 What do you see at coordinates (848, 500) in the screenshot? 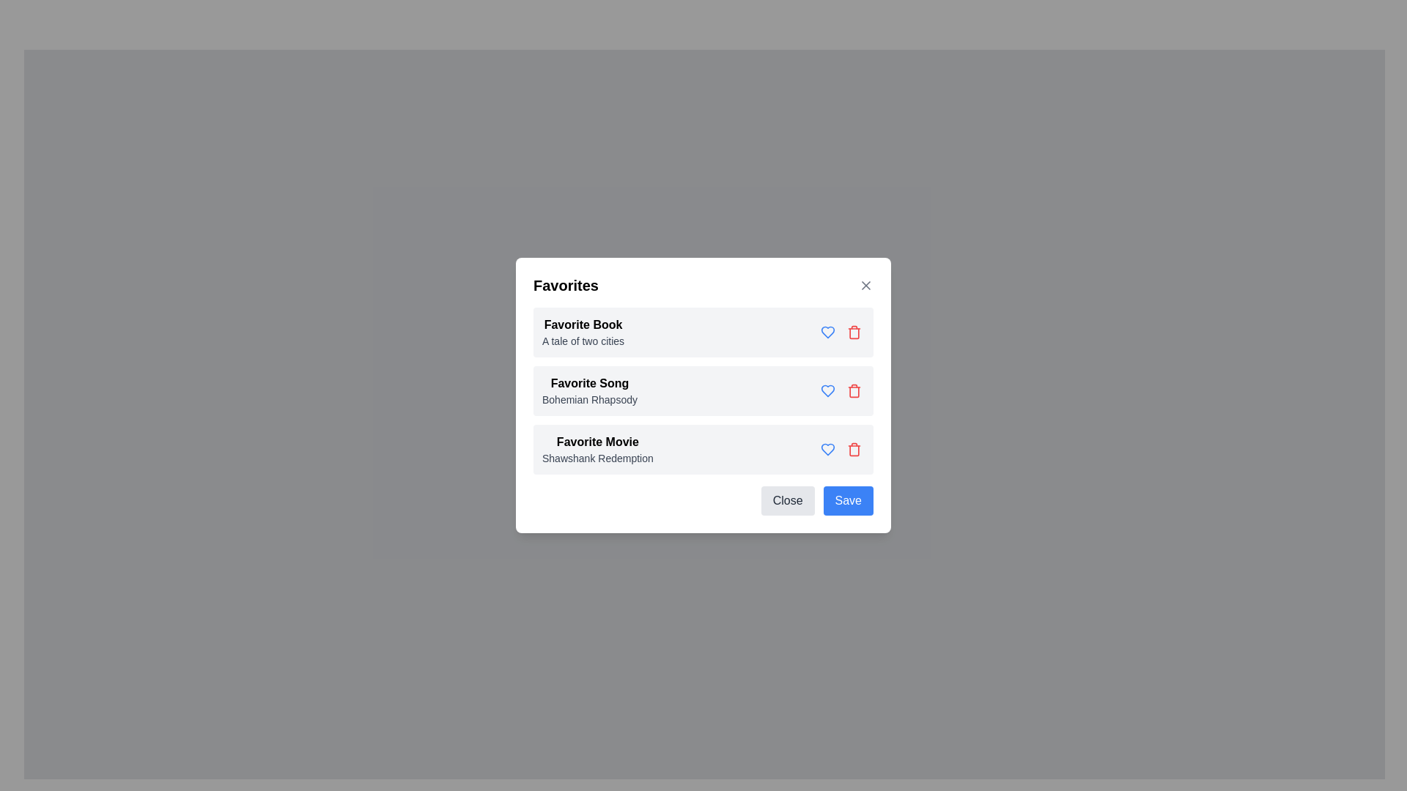
I see `the save button located at the bottom right corner of the modal window` at bounding box center [848, 500].